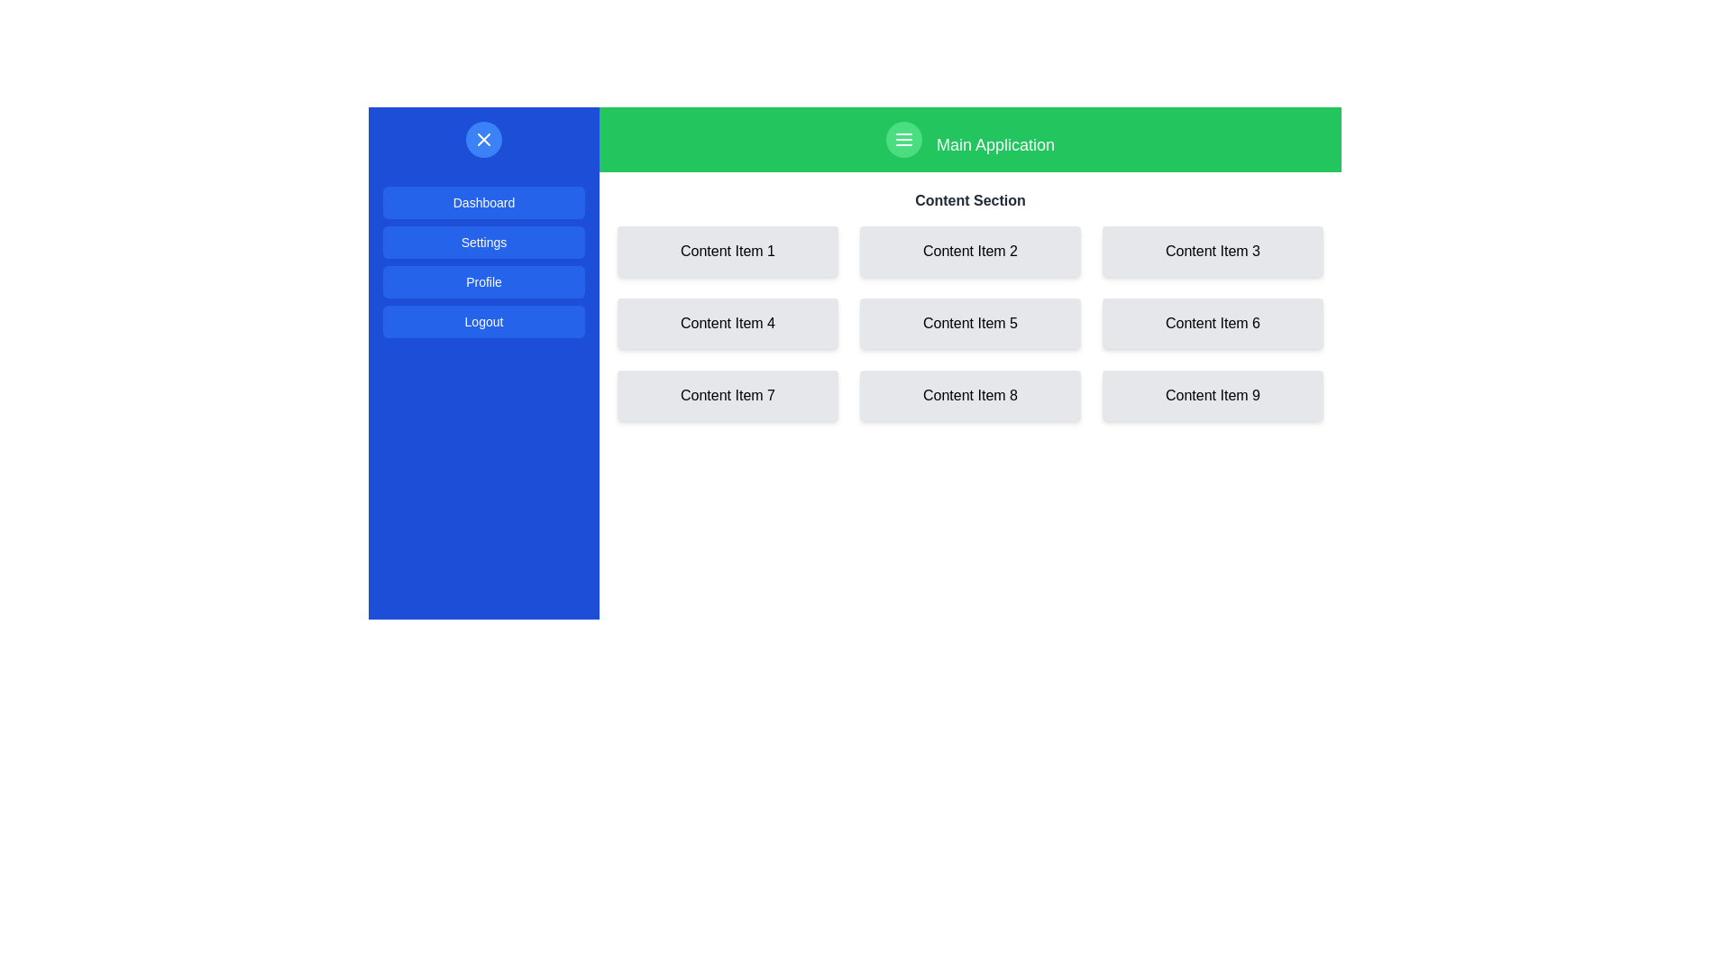 Image resolution: width=1731 pixels, height=974 pixels. What do you see at coordinates (484, 202) in the screenshot?
I see `the 'Dashboard' button, which is the first item in the vertical list of buttons in the left sidebar` at bounding box center [484, 202].